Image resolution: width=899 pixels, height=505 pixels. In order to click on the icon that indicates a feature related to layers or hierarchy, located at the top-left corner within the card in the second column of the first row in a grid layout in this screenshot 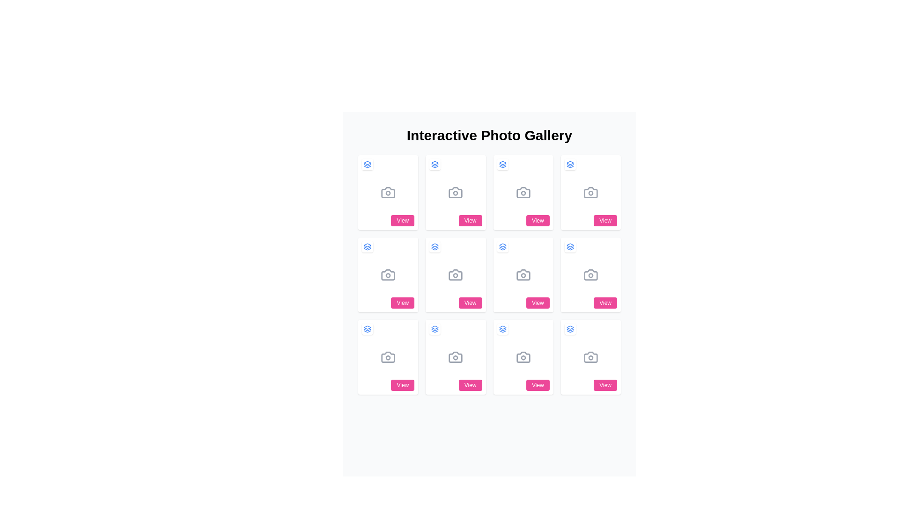, I will do `click(502, 164)`.